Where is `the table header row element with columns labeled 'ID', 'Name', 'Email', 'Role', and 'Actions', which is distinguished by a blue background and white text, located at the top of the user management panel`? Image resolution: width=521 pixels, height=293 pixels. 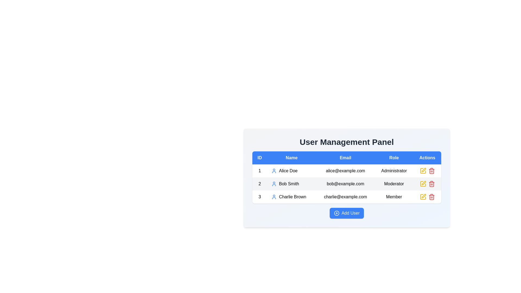
the table header row element with columns labeled 'ID', 'Name', 'Email', 'Role', and 'Actions', which is distinguished by a blue background and white text, located at the top of the user management panel is located at coordinates (346, 158).